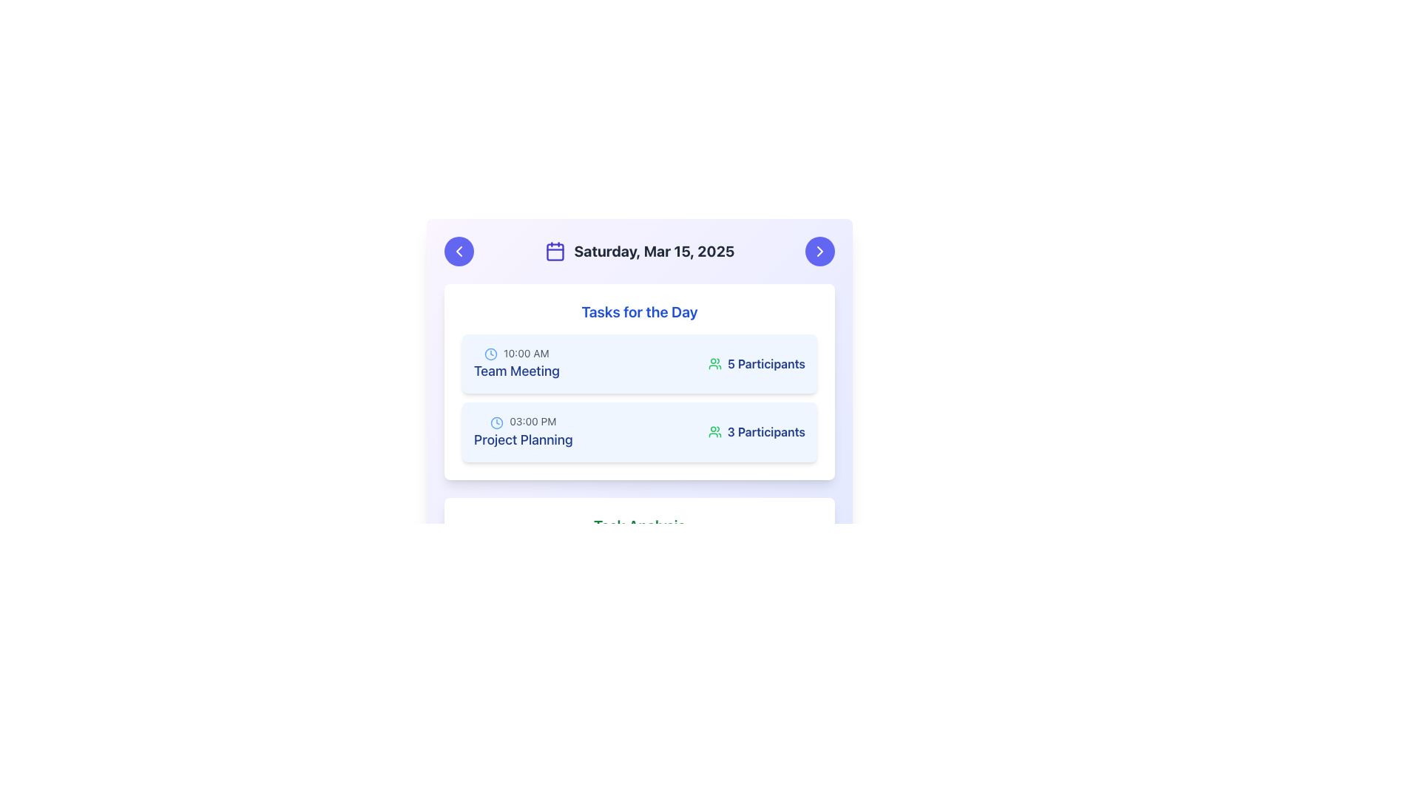 The image size is (1420, 799). What do you see at coordinates (516, 354) in the screenshot?
I see `the Time label displaying '10:00 AM' with a clock icon in gray and blue, located at the top of the event card for 'Team Meeting'` at bounding box center [516, 354].